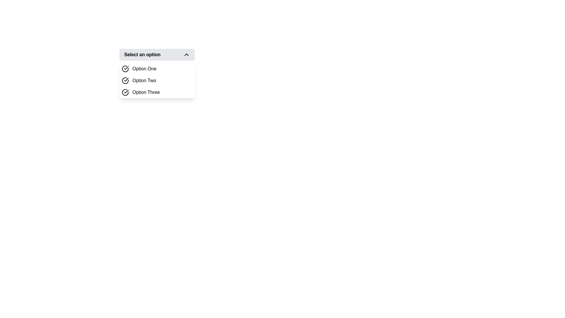  Describe the element at coordinates (125, 92) in the screenshot. I see `the function of the circled checkmark icon located to the left of 'Option Three' in the dropdown menu` at that location.